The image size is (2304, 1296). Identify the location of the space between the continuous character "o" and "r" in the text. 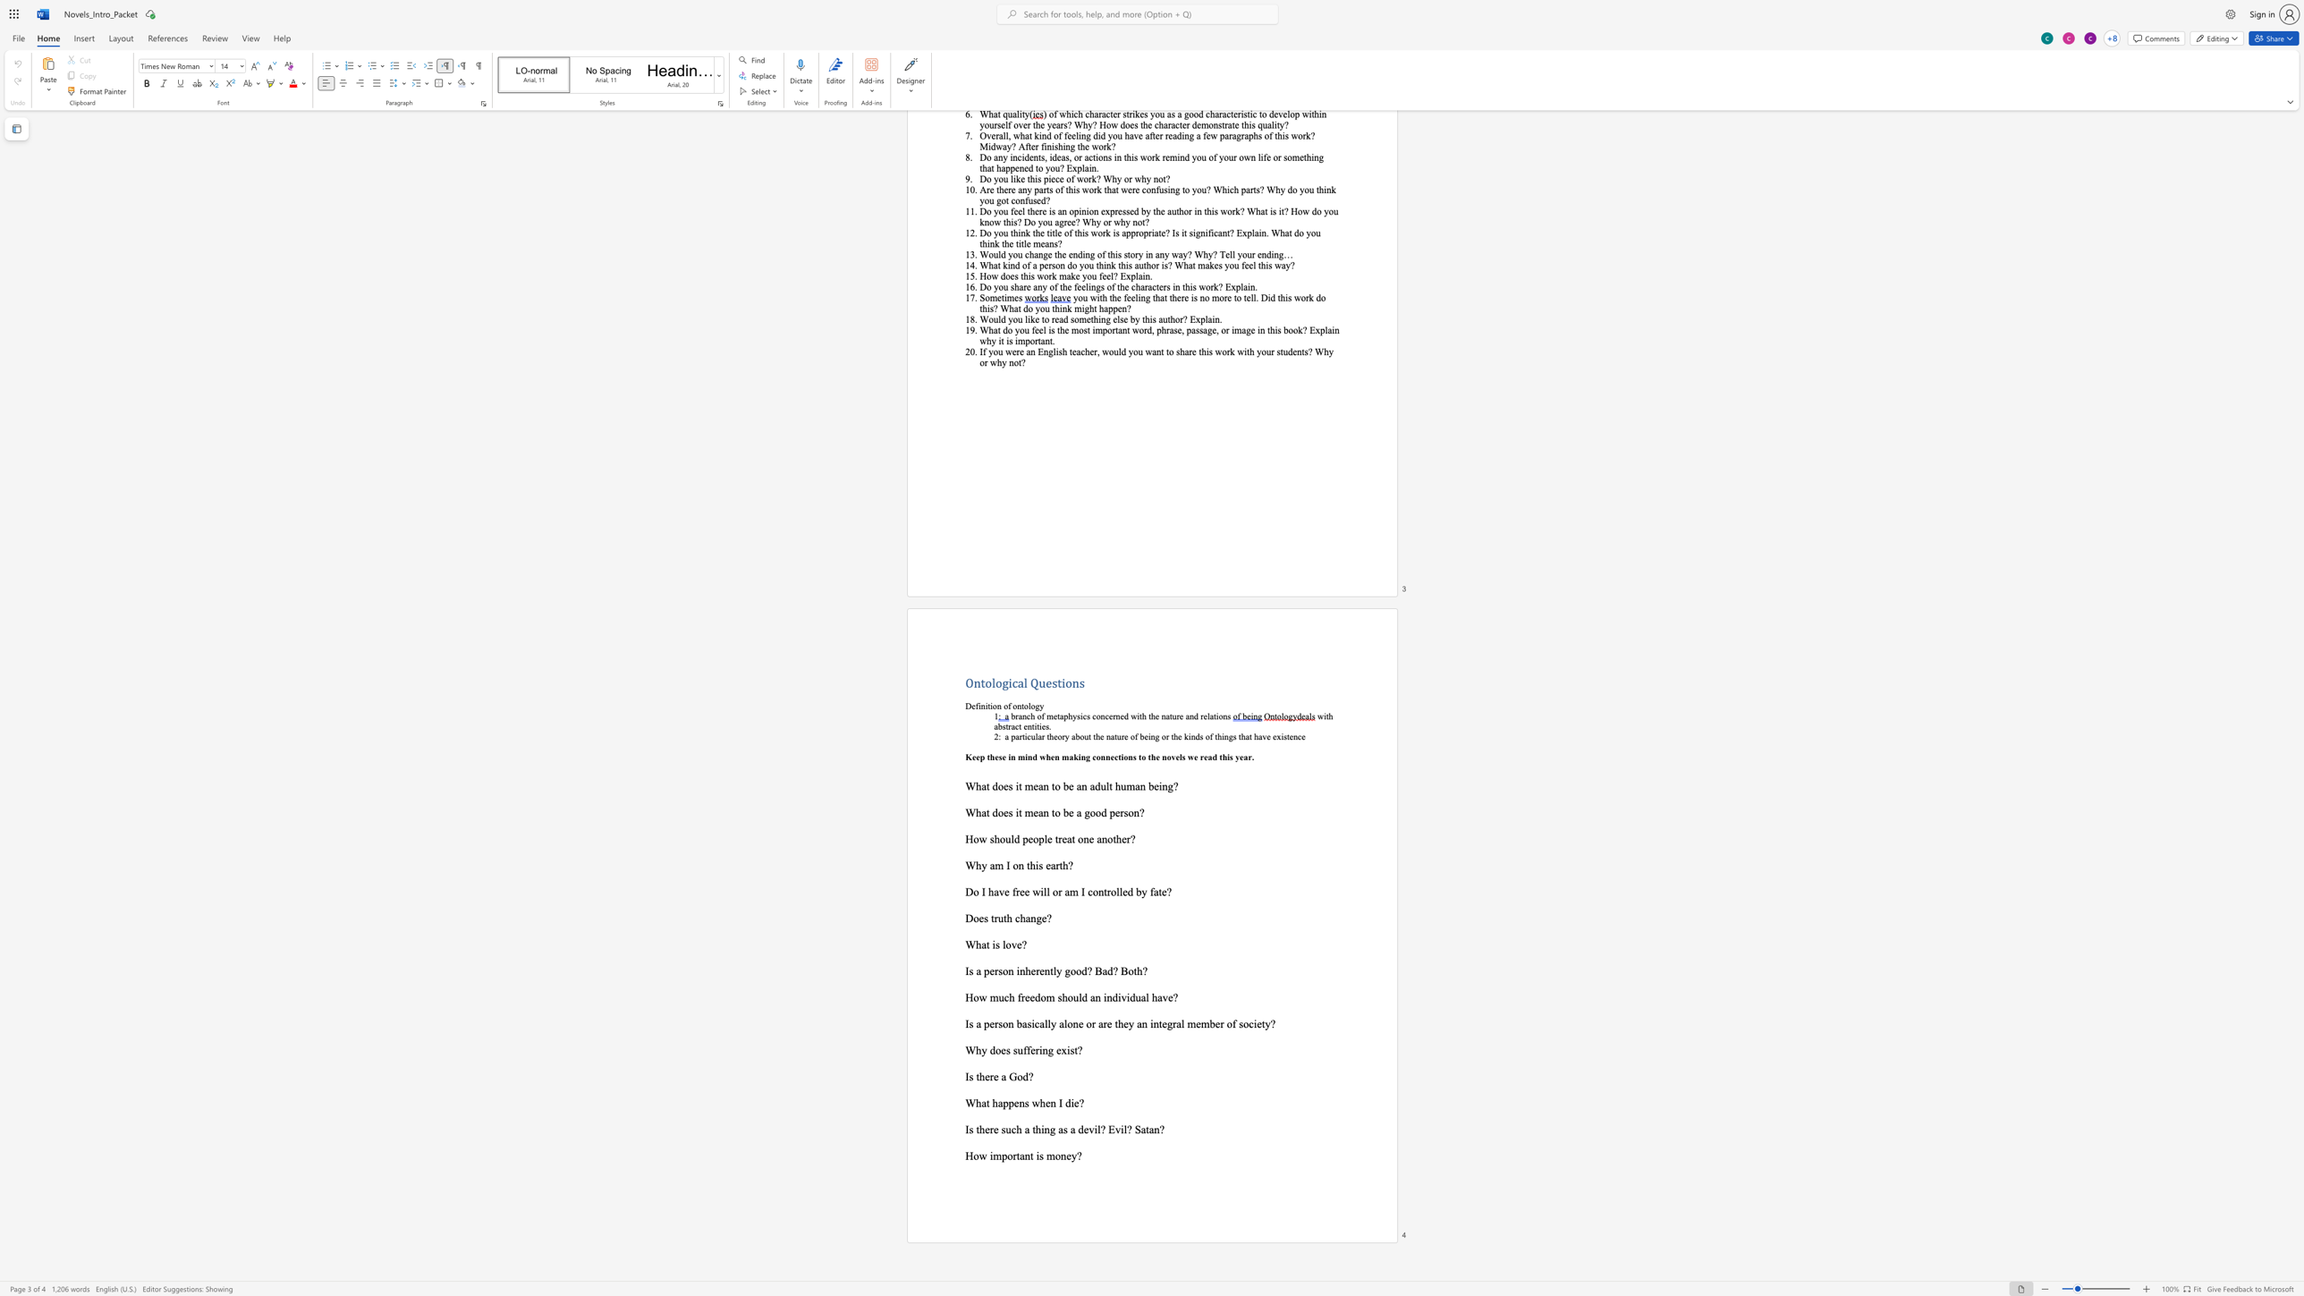
(1011, 1155).